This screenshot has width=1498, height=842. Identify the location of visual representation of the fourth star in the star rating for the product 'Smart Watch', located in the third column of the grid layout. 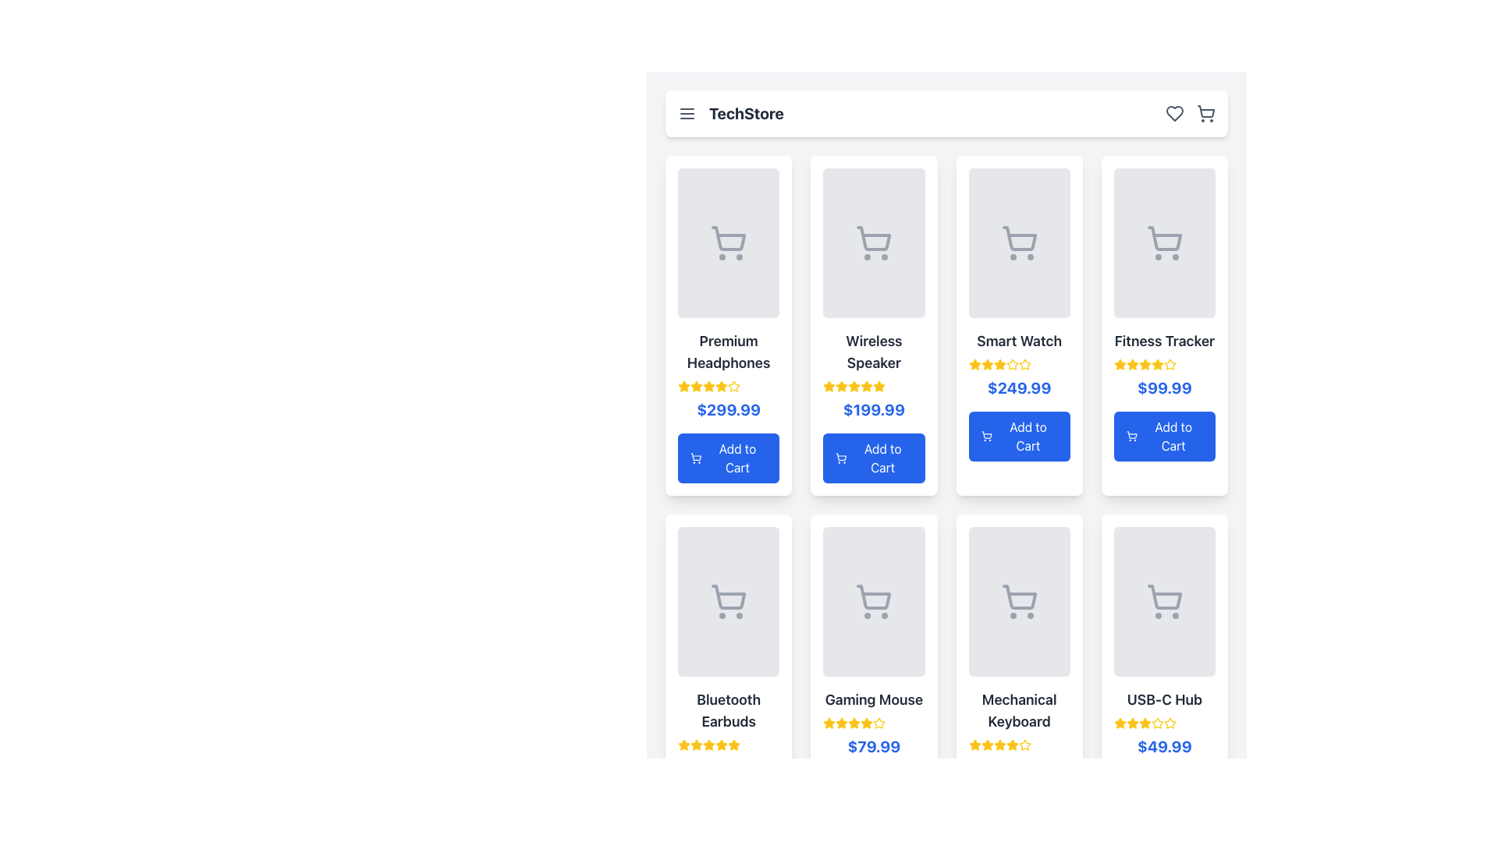
(999, 364).